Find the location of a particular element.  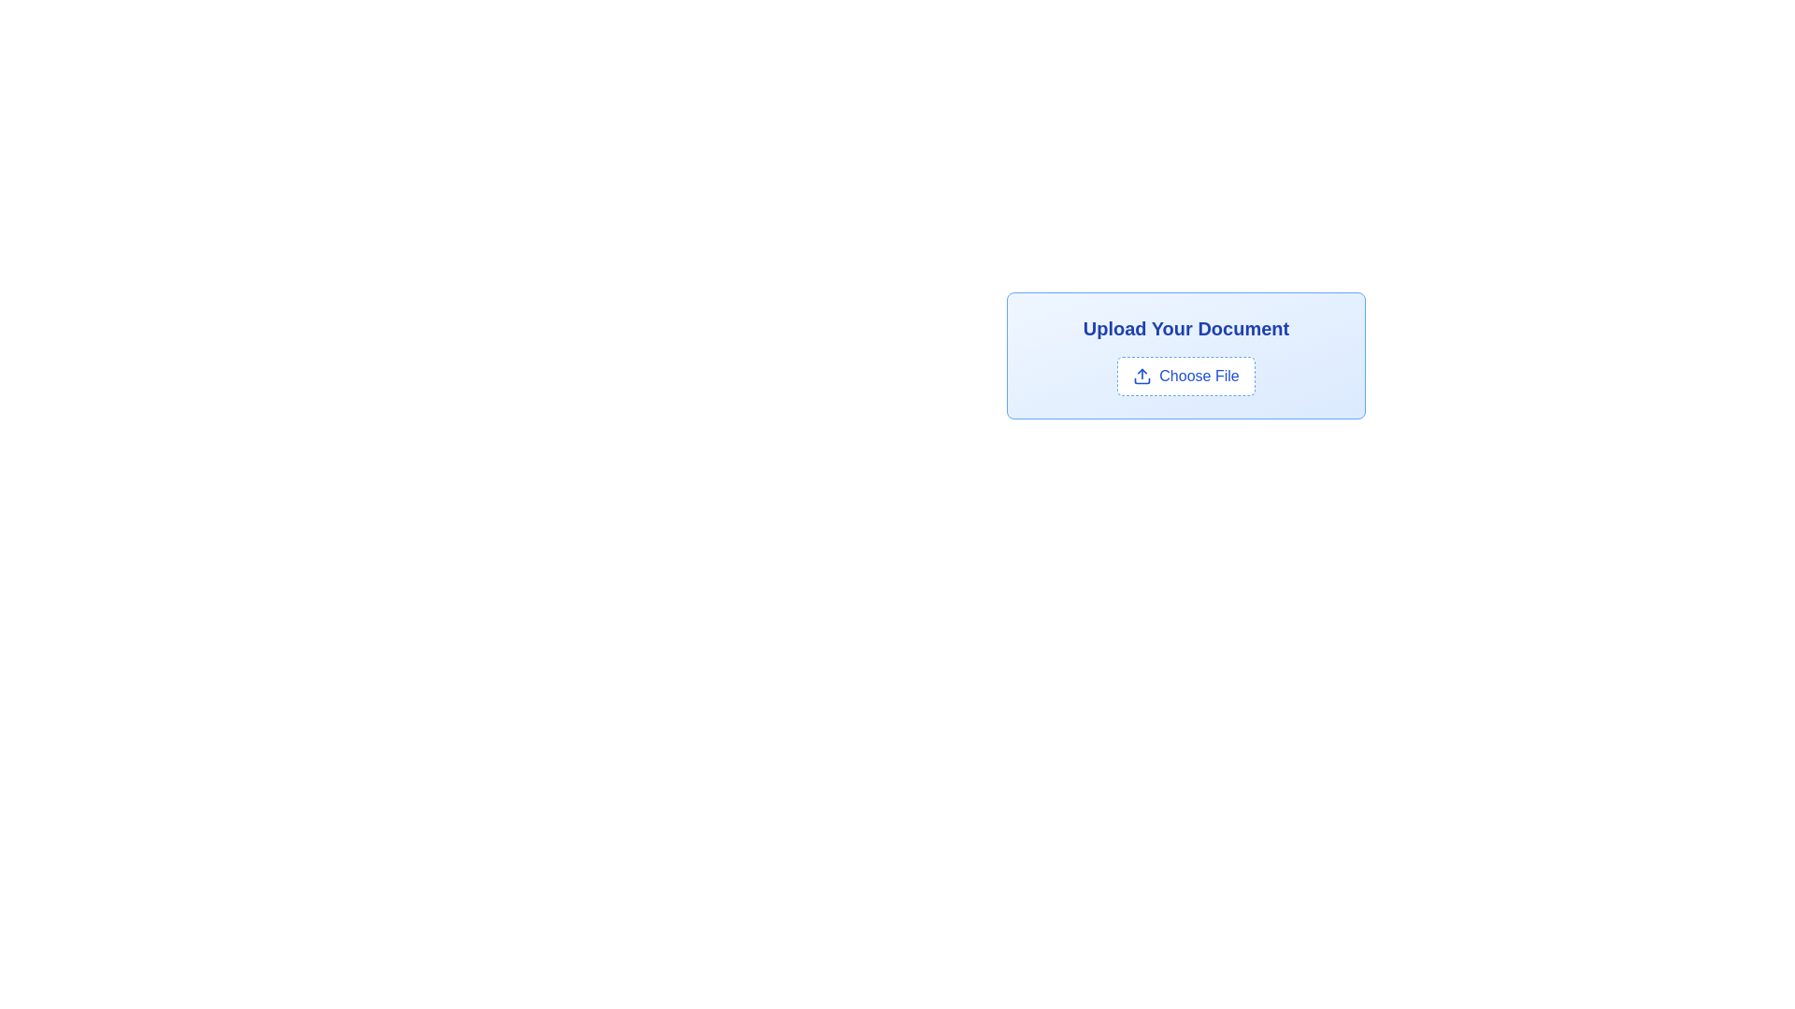

the icon component representing file uploading, located near the top-middle area of the 'Upload Your Document' button is located at coordinates (1142, 380).